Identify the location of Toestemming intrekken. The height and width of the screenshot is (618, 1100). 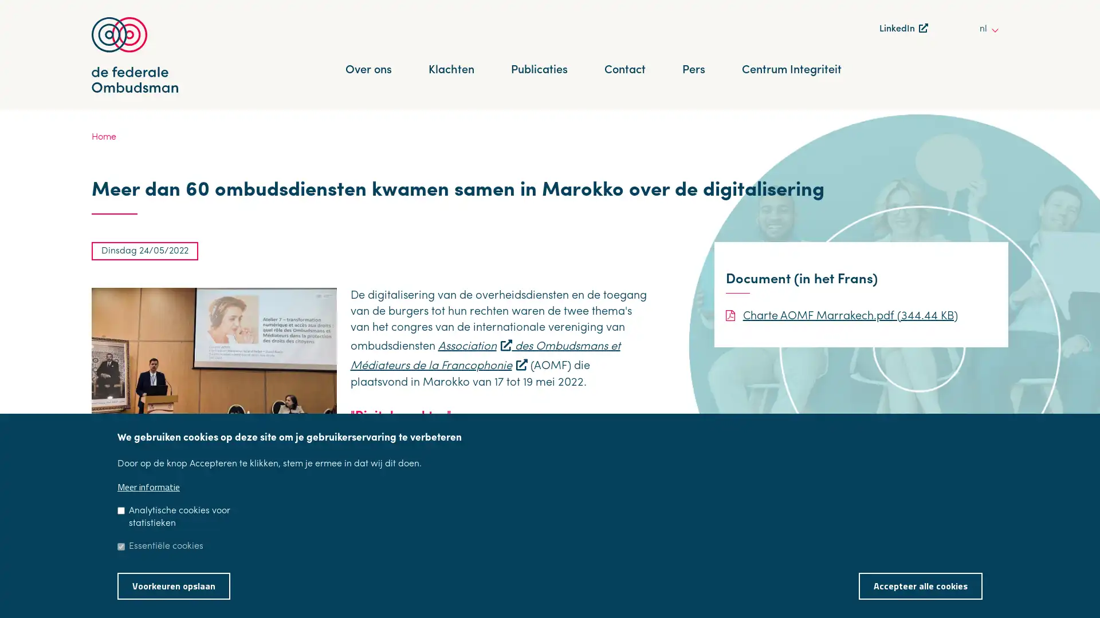
(997, 578).